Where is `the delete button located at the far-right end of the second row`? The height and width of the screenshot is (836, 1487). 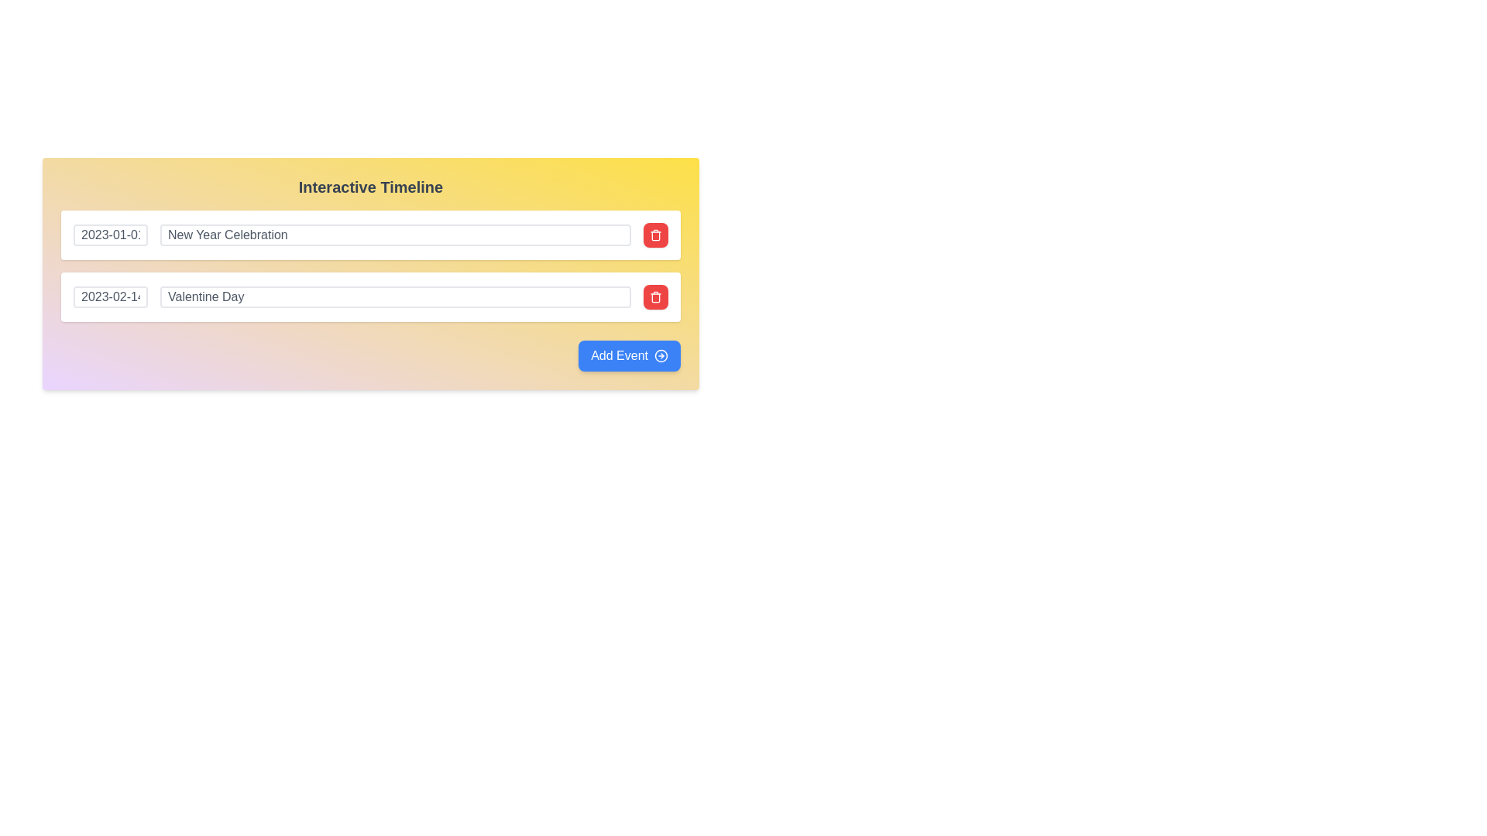
the delete button located at the far-right end of the second row is located at coordinates (655, 297).